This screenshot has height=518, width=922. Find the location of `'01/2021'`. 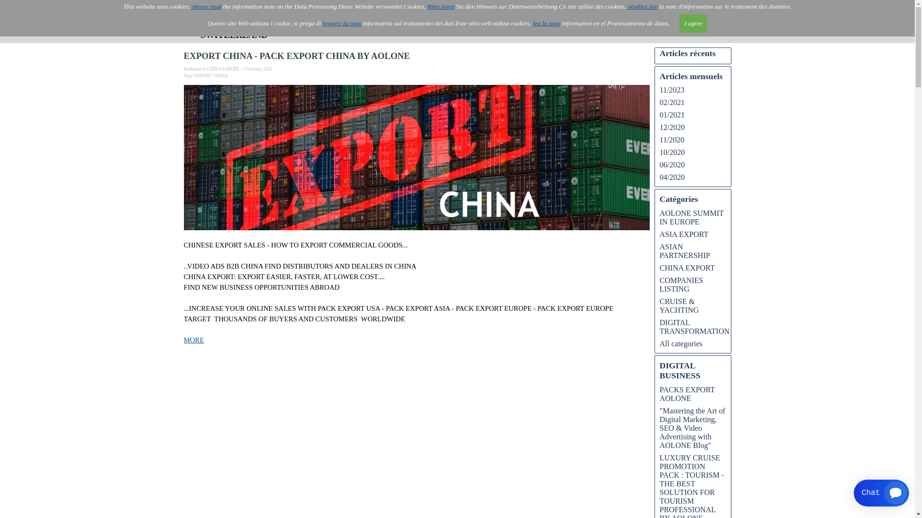

'01/2021' is located at coordinates (672, 114).